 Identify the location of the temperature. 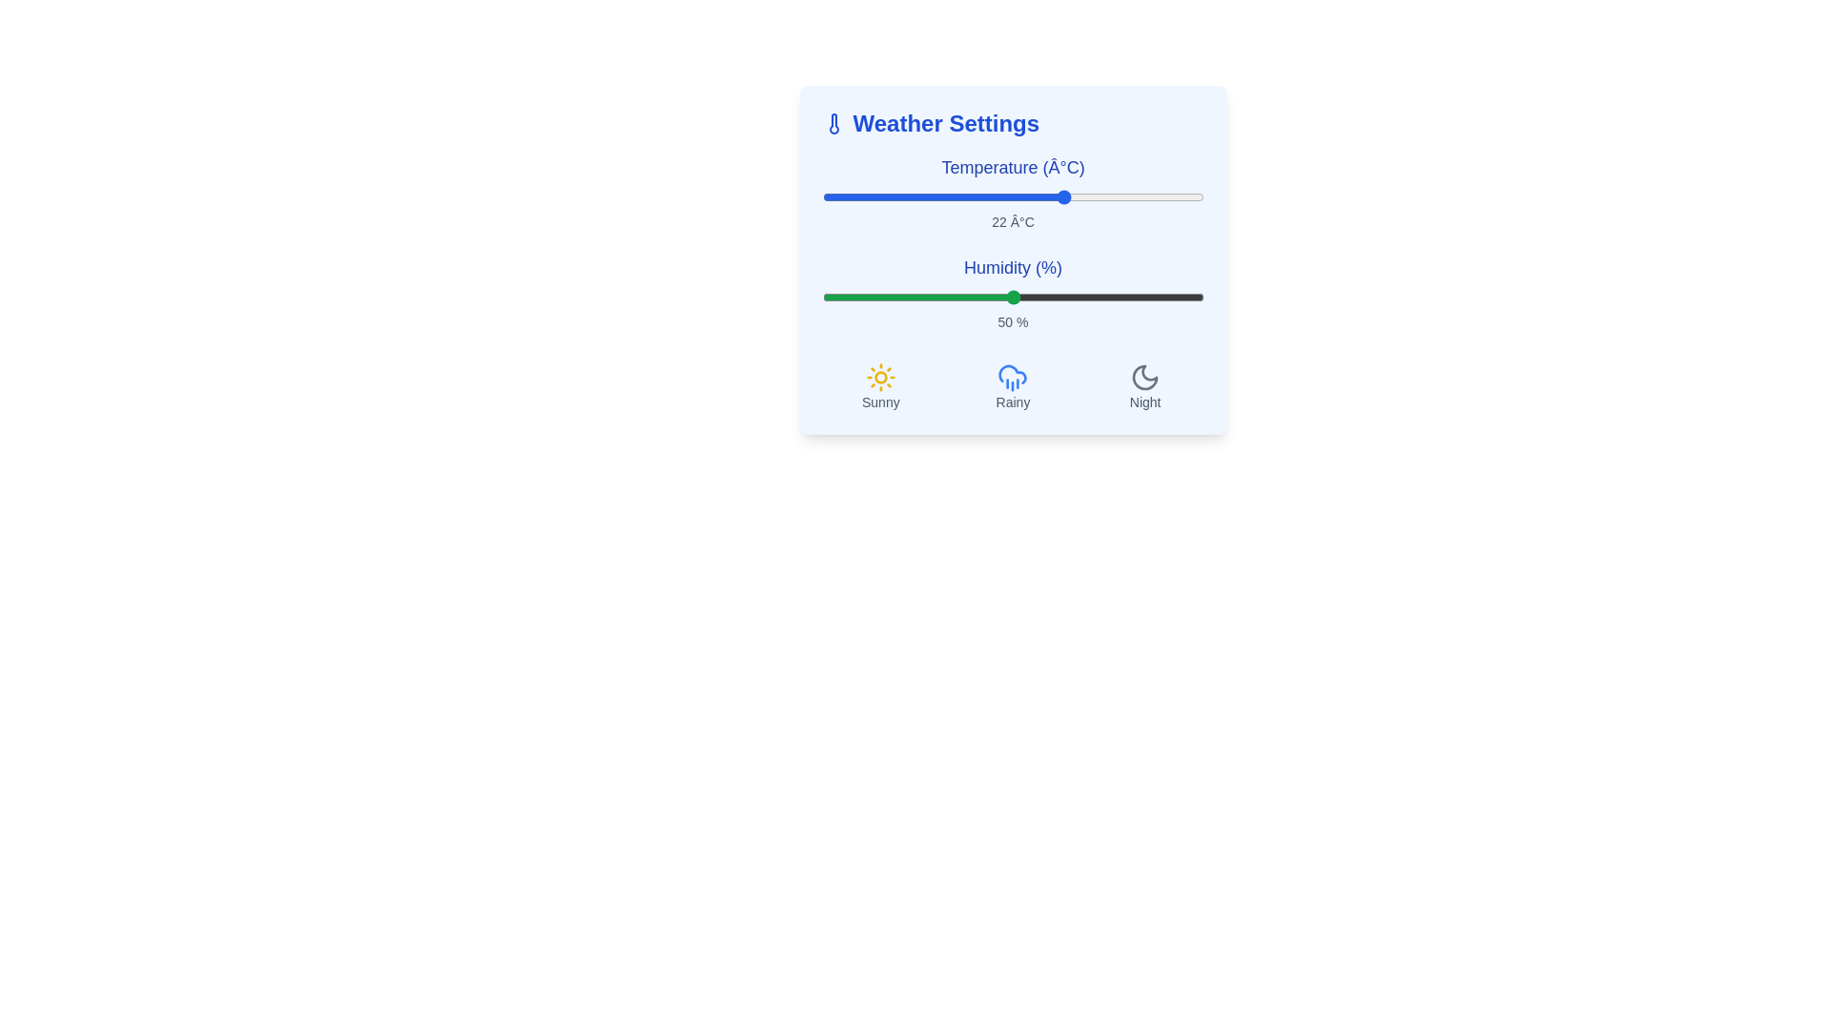
(913, 197).